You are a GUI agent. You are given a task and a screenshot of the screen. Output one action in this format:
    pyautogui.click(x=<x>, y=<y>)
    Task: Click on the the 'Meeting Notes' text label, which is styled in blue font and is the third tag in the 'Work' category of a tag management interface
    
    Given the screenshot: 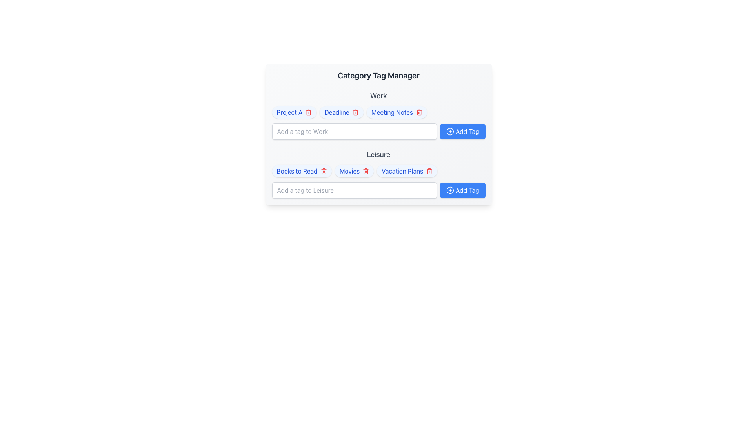 What is the action you would take?
    pyautogui.click(x=392, y=112)
    